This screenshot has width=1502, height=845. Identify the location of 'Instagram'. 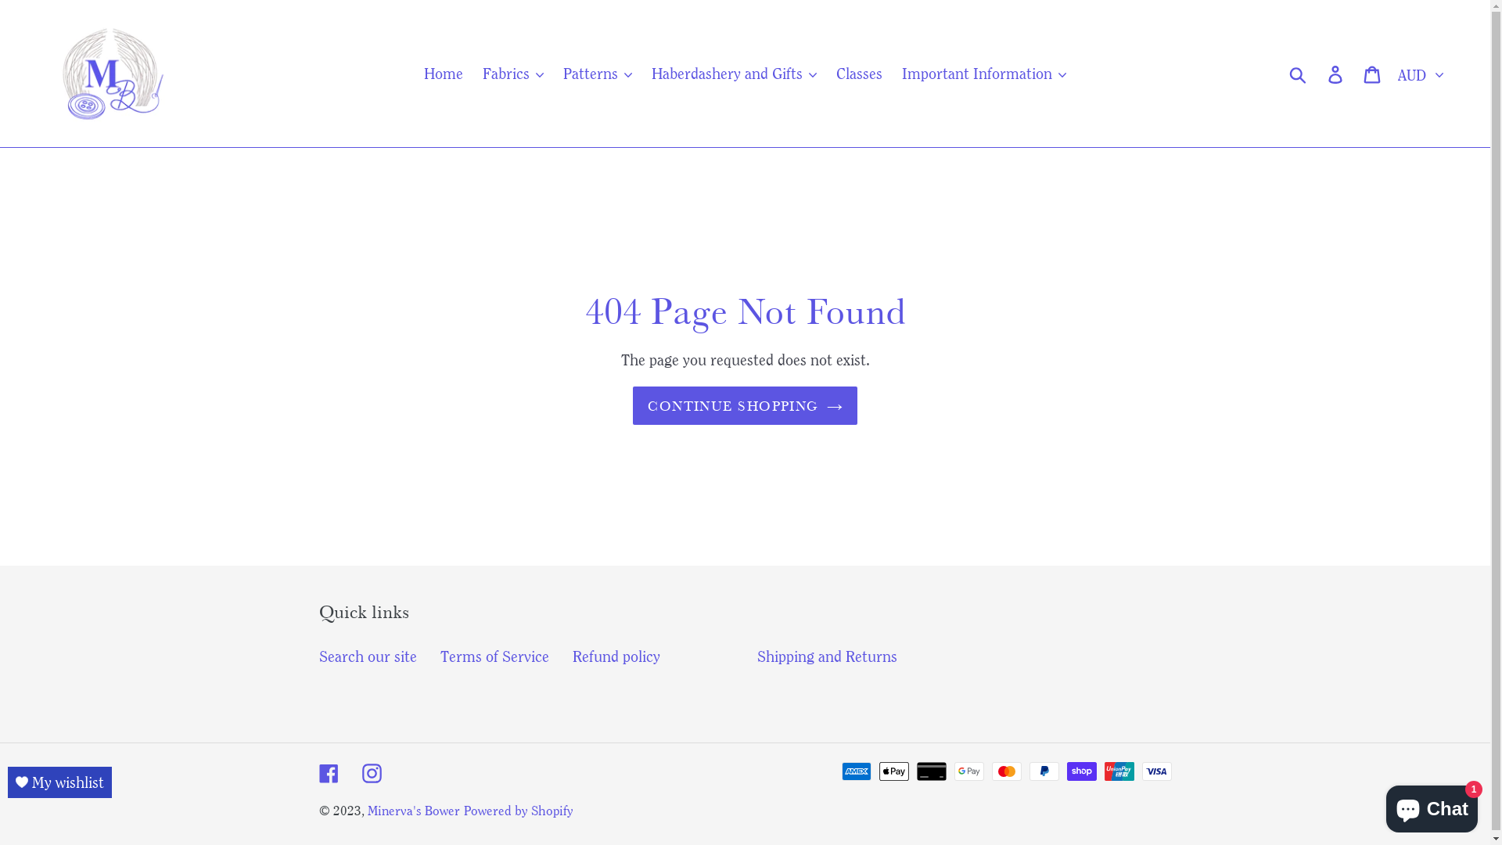
(360, 771).